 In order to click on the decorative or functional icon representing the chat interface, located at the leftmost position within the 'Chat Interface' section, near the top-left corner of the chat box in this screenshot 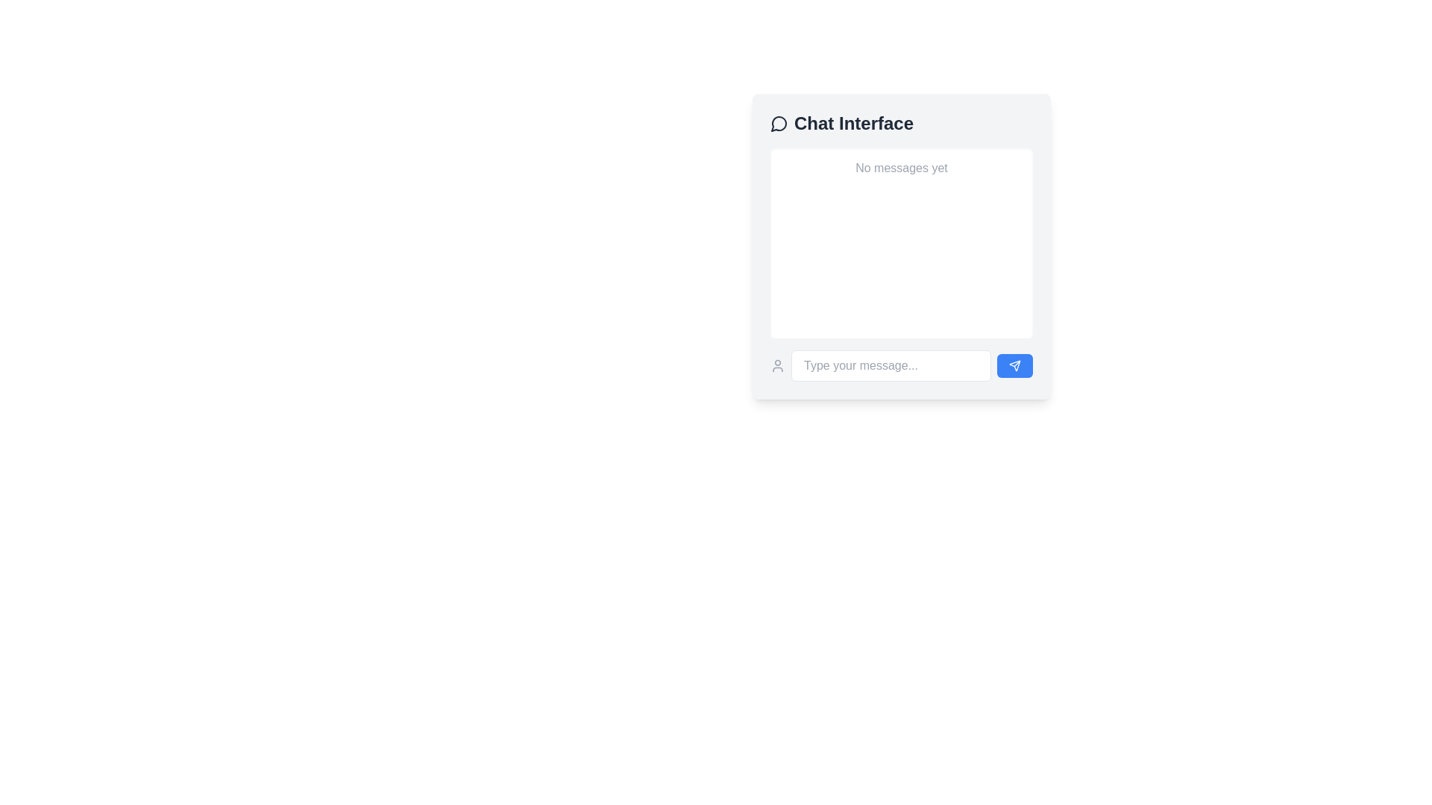, I will do `click(779, 122)`.